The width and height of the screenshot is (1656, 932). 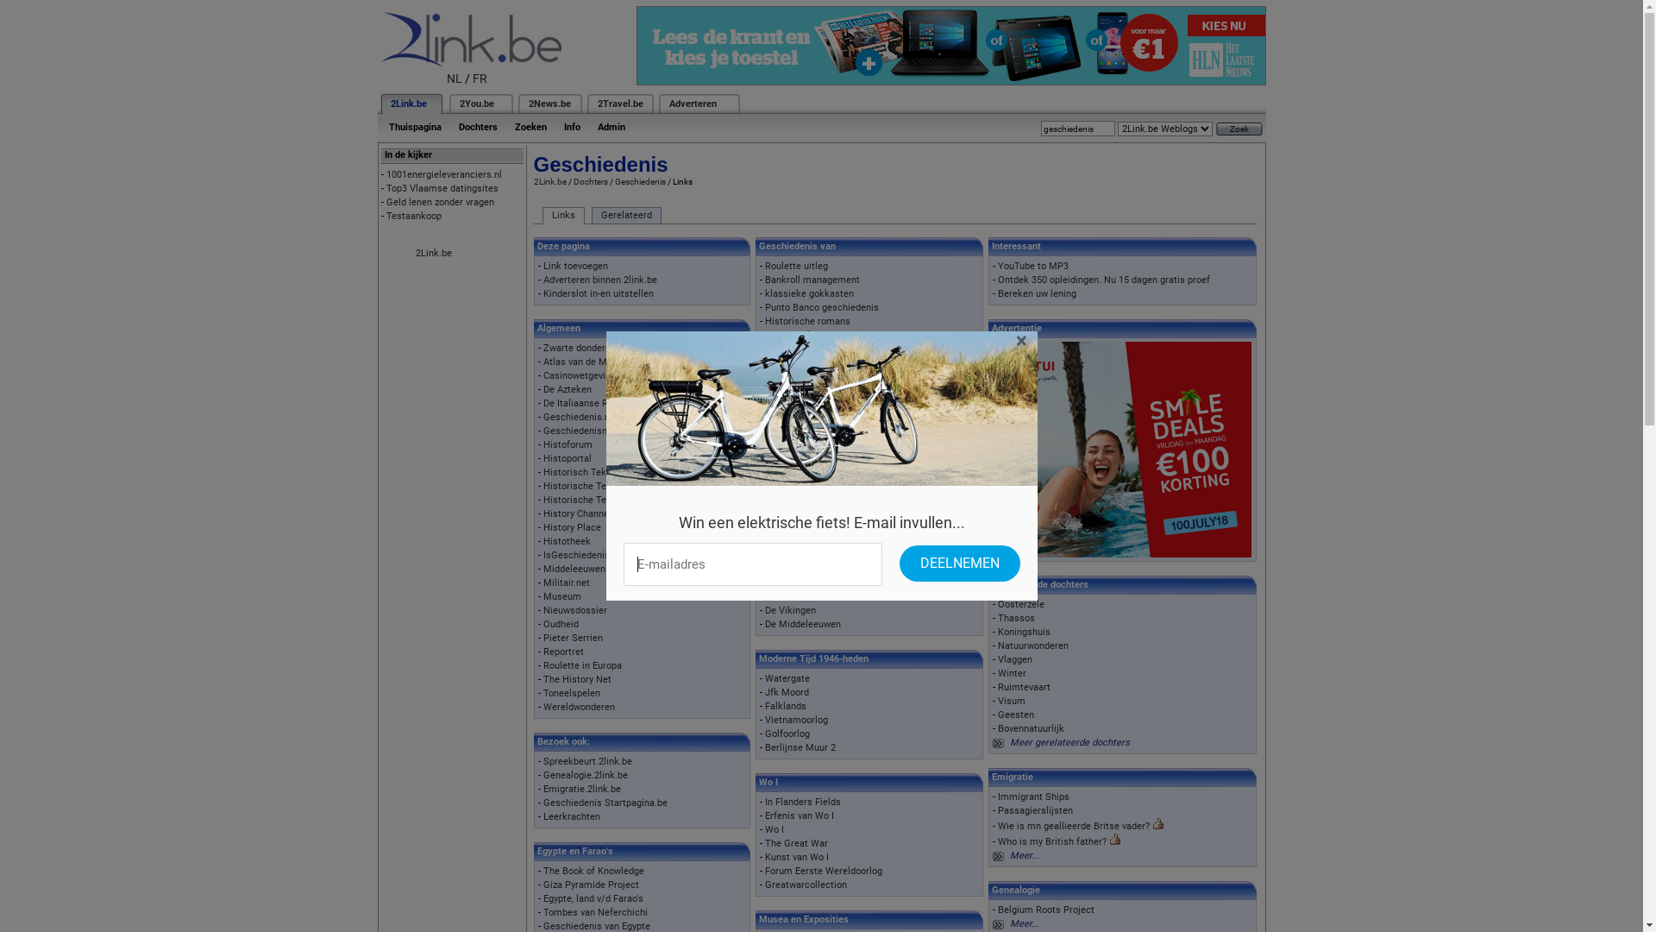 What do you see at coordinates (587, 760) in the screenshot?
I see `'Spreekbeurt.2link.be'` at bounding box center [587, 760].